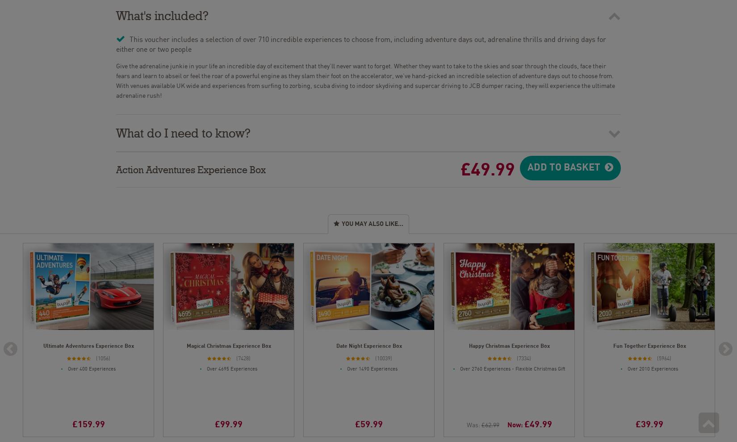 This screenshot has width=737, height=442. What do you see at coordinates (162, 13) in the screenshot?
I see `'What's included?'` at bounding box center [162, 13].